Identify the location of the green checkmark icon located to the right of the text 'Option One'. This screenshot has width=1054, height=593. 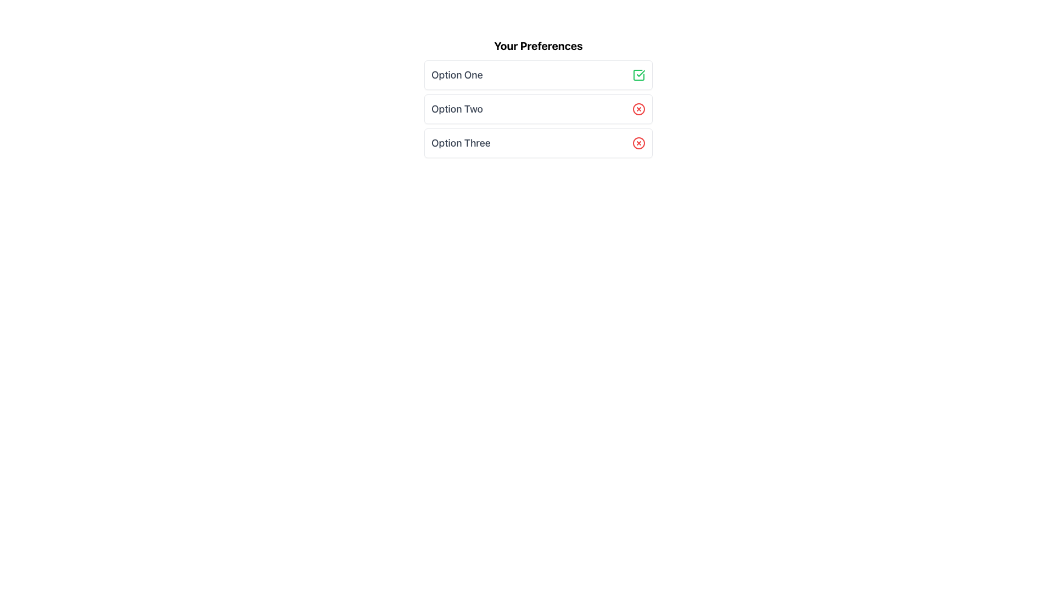
(641, 74).